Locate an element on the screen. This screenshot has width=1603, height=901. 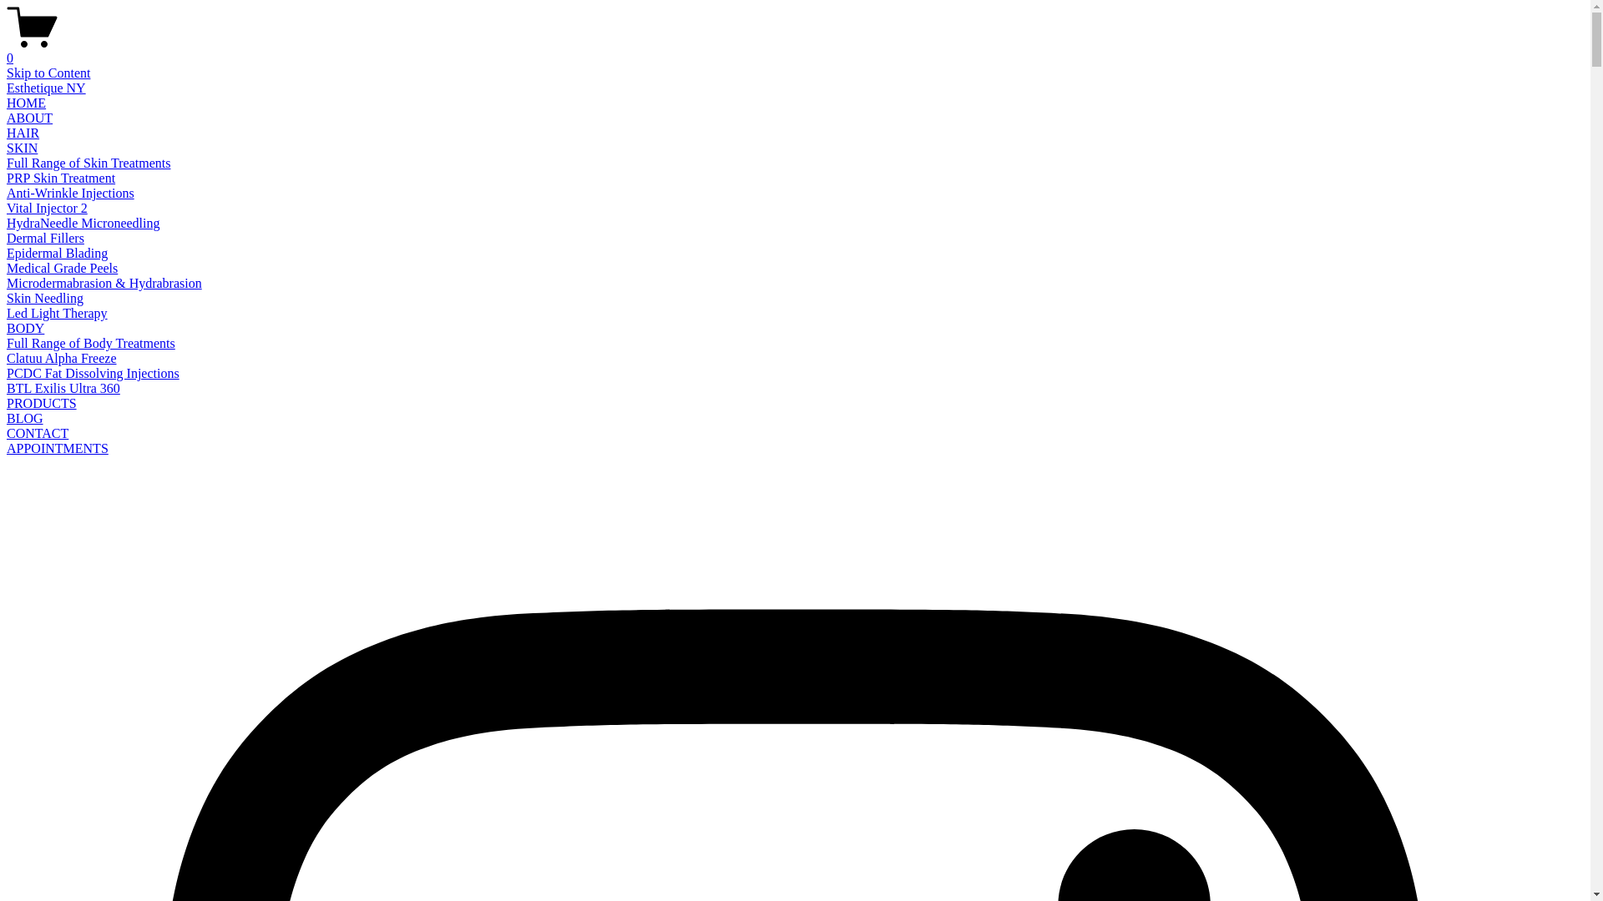
'Full Range of Skin Treatments' is located at coordinates (87, 163).